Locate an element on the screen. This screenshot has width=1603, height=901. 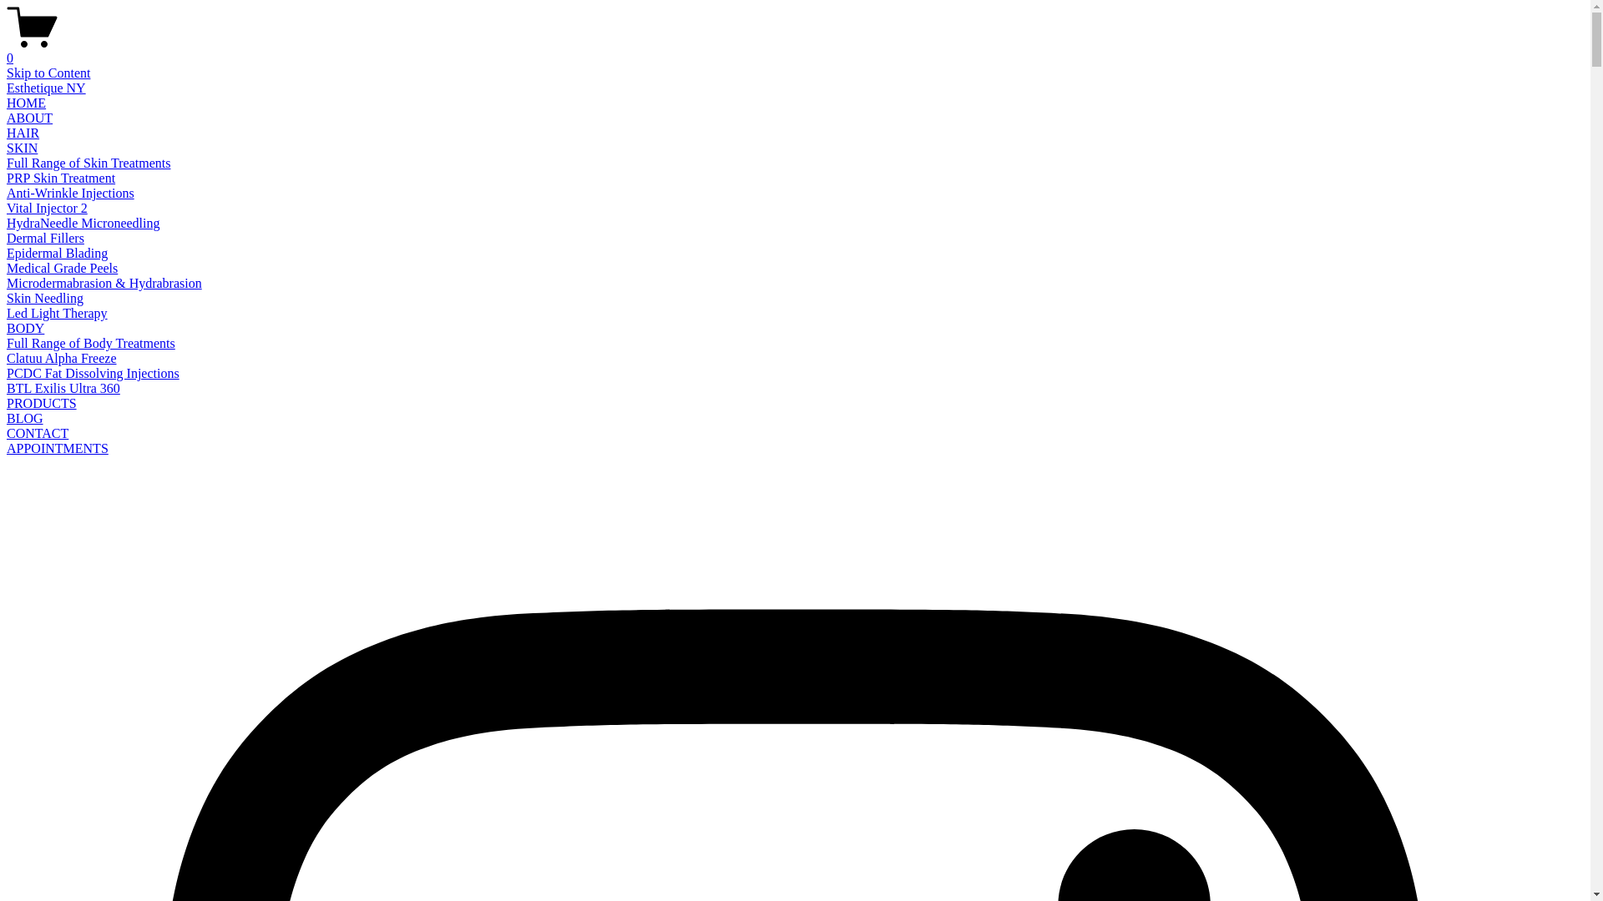
'Full Range of Skin Treatments' is located at coordinates (87, 163).